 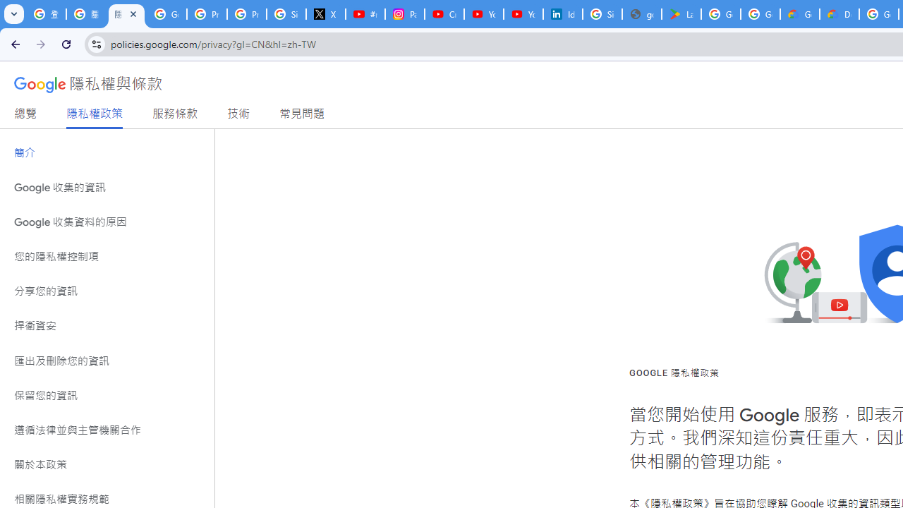 I want to click on 'Sign in - Google Accounts', so click(x=602, y=14).